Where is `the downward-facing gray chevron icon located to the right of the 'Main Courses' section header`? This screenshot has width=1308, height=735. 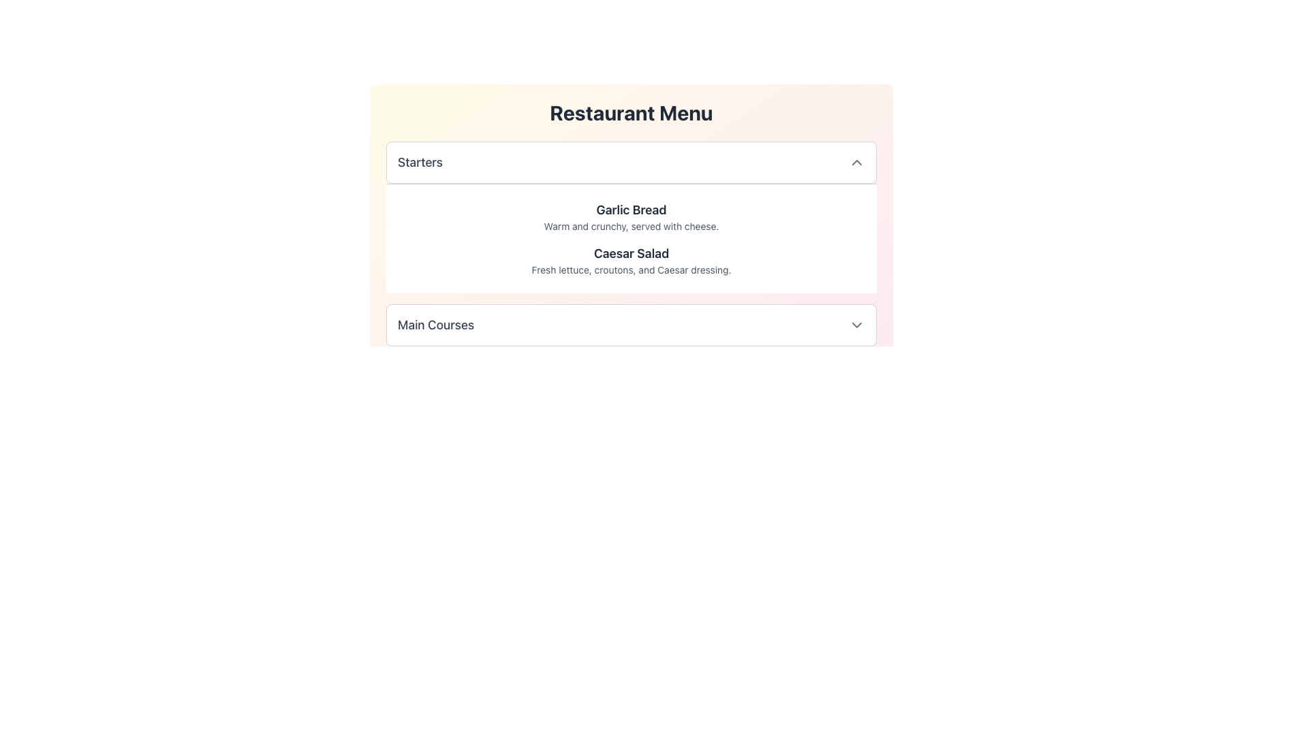 the downward-facing gray chevron icon located to the right of the 'Main Courses' section header is located at coordinates (856, 325).